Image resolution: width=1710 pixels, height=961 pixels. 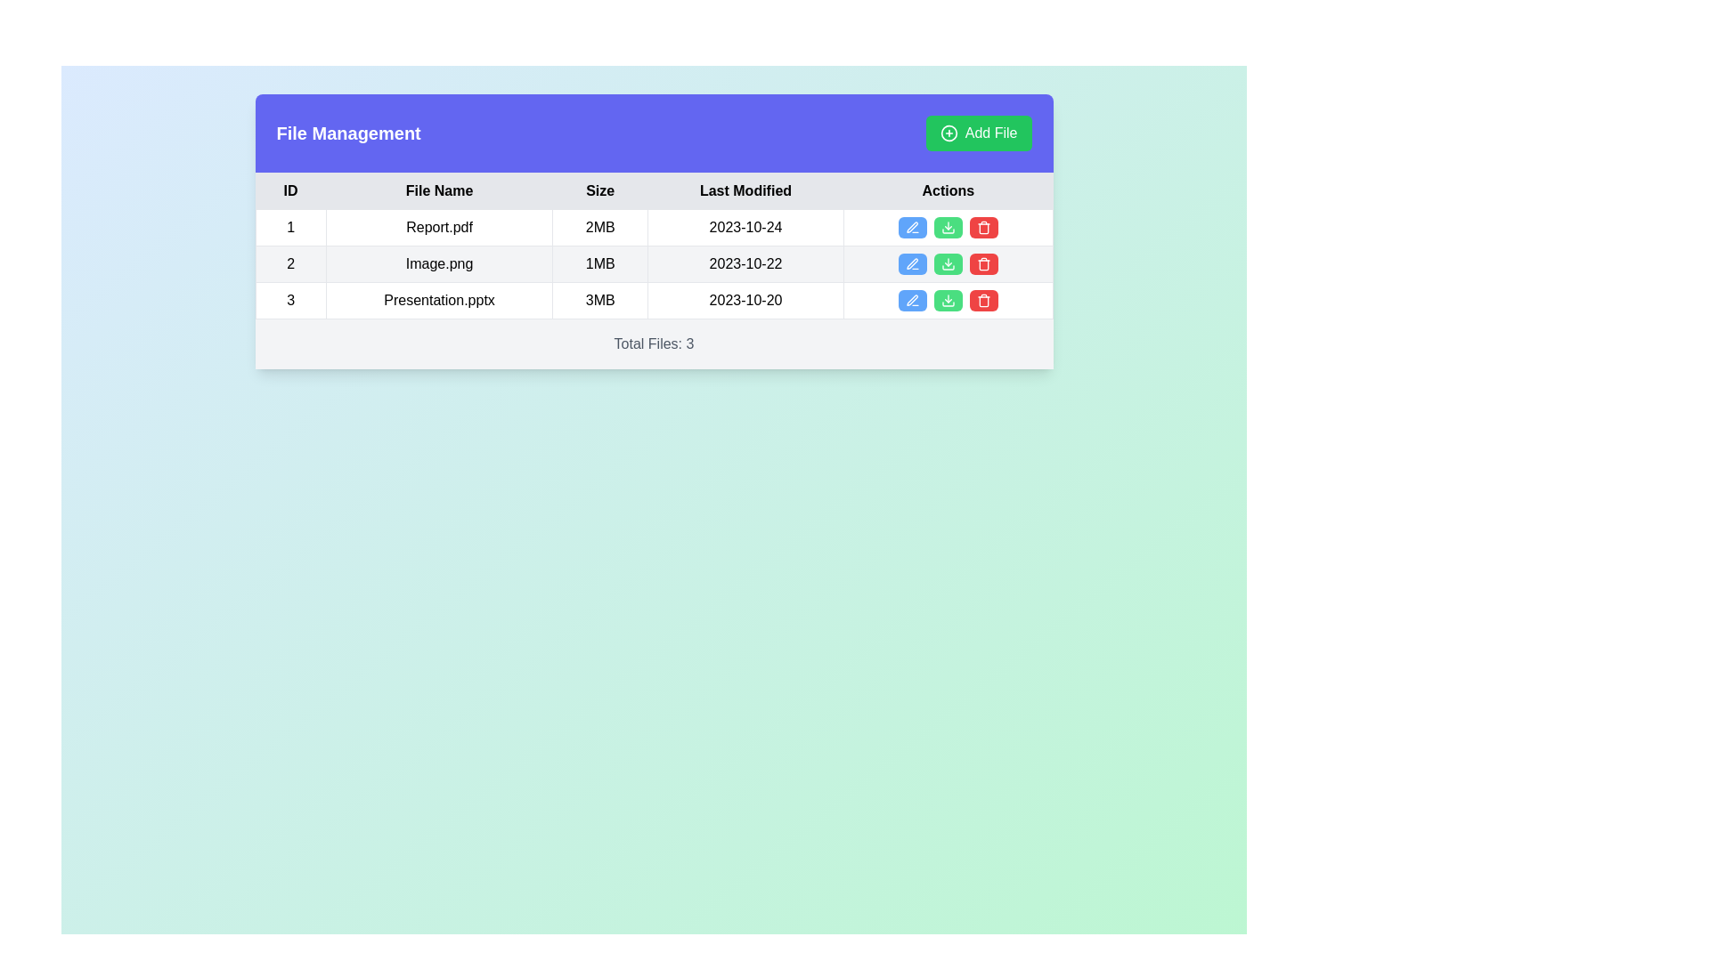 I want to click on the green download button located in the last row of the table under the 'Actions' column, which is positioned between the blue edit button and the red delete button, so click(x=947, y=300).